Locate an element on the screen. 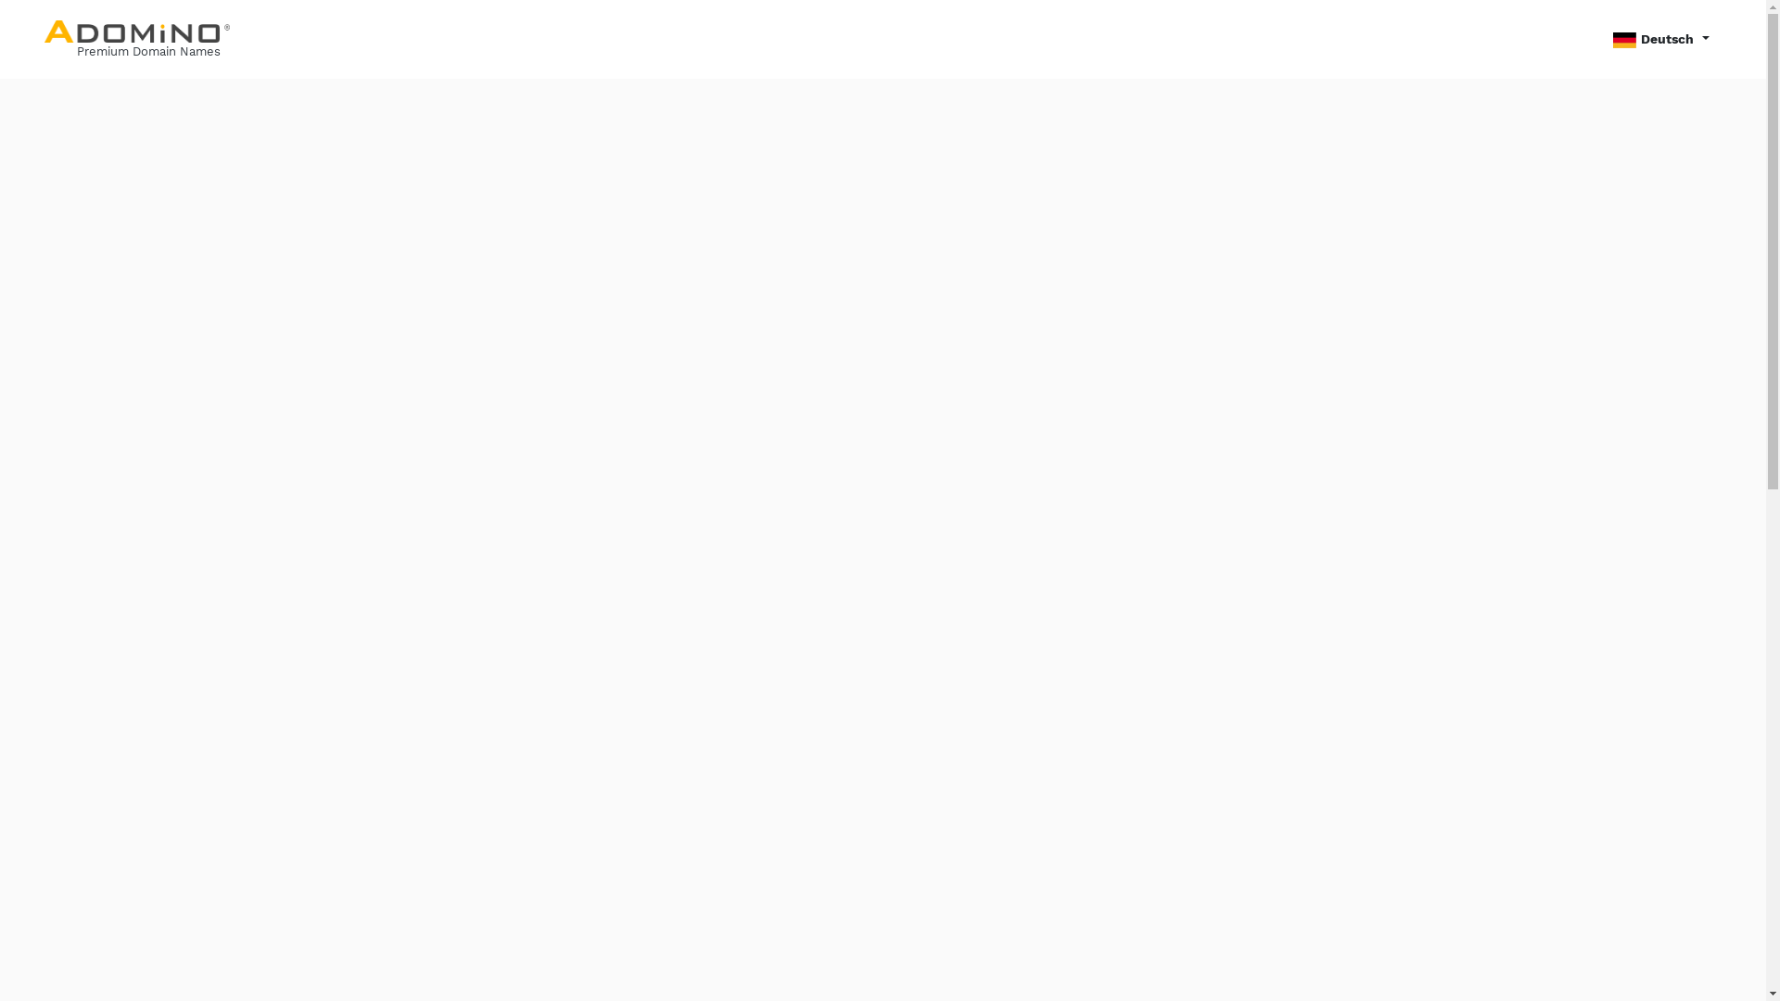 Image resolution: width=1780 pixels, height=1001 pixels. 'Premium Domain Names' is located at coordinates (136, 39).